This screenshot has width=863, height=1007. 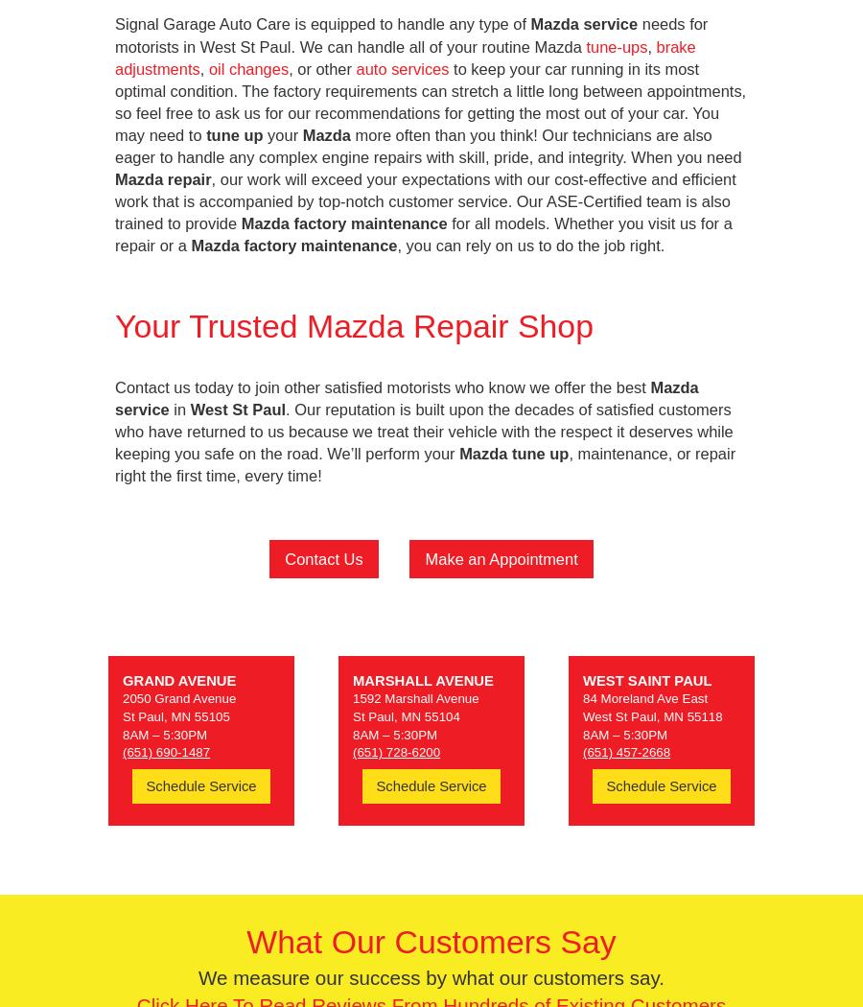 What do you see at coordinates (122, 697) in the screenshot?
I see `'2050 Grand Avenue'` at bounding box center [122, 697].